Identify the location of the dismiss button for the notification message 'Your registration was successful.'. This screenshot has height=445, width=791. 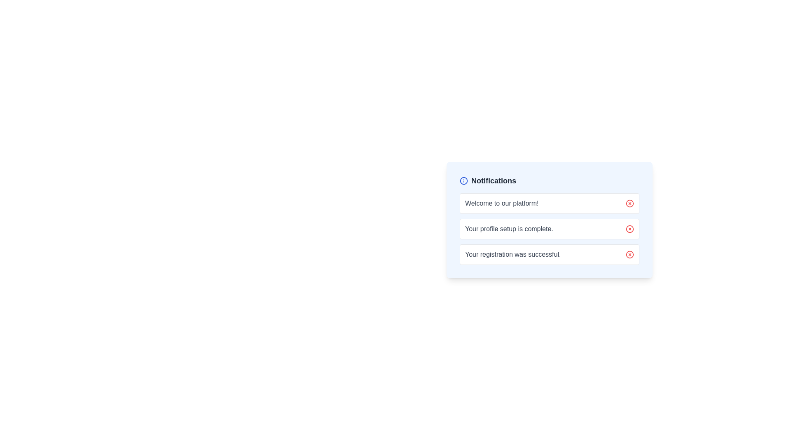
(630, 254).